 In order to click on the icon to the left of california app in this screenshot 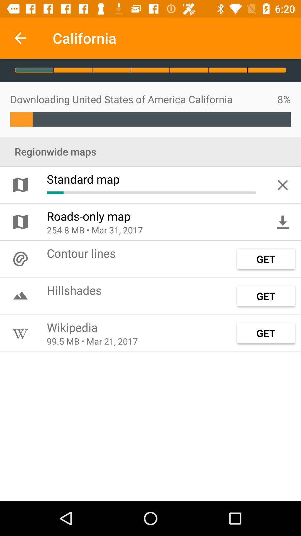, I will do `click(20, 38)`.